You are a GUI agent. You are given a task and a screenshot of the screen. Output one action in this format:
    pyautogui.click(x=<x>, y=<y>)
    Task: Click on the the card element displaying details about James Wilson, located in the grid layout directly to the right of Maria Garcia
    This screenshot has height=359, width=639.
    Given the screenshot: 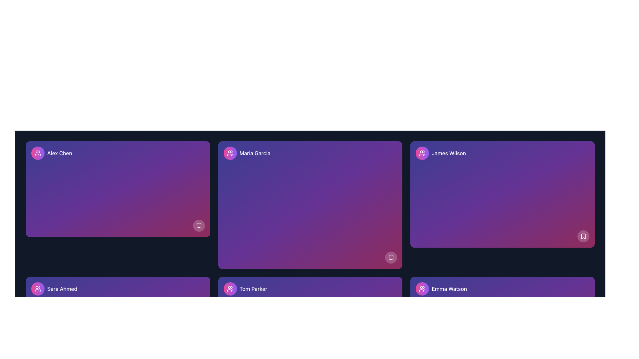 What is the action you would take?
    pyautogui.click(x=503, y=194)
    